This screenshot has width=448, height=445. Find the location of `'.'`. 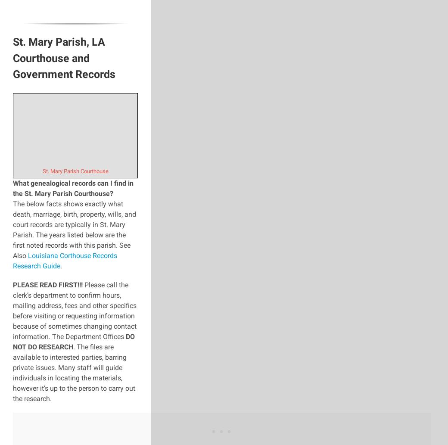

'.' is located at coordinates (61, 265).